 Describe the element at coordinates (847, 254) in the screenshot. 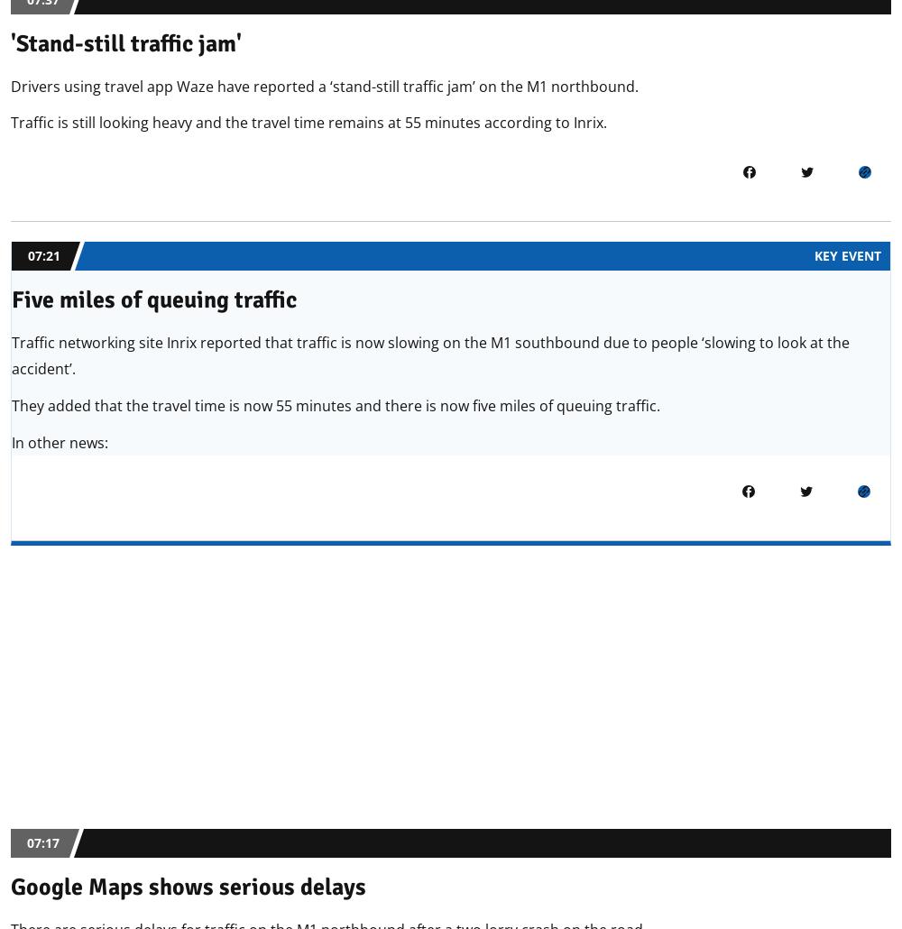

I see `'KEY EVENT'` at that location.